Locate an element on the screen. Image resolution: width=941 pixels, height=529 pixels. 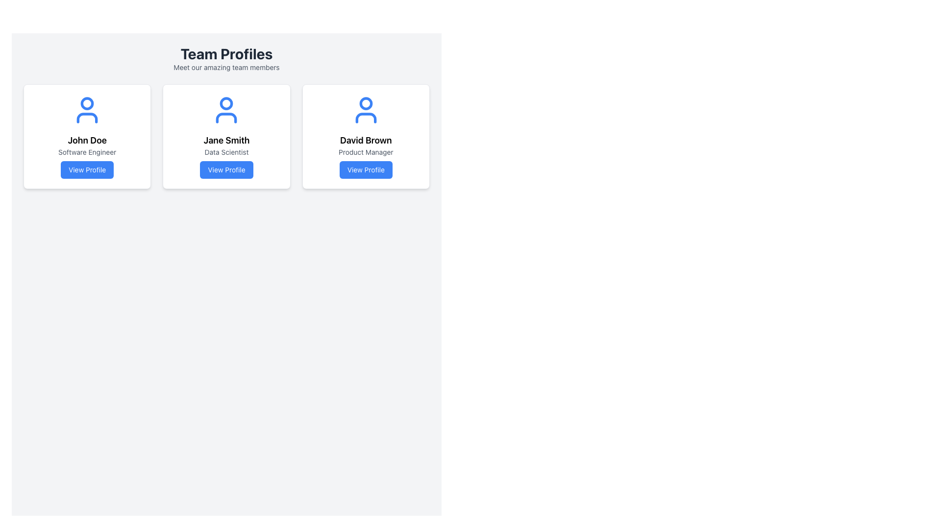
the graphical icon component (circle) representing John Doe in the 'Team Profiles' section, located in the top-left card is located at coordinates (87, 103).